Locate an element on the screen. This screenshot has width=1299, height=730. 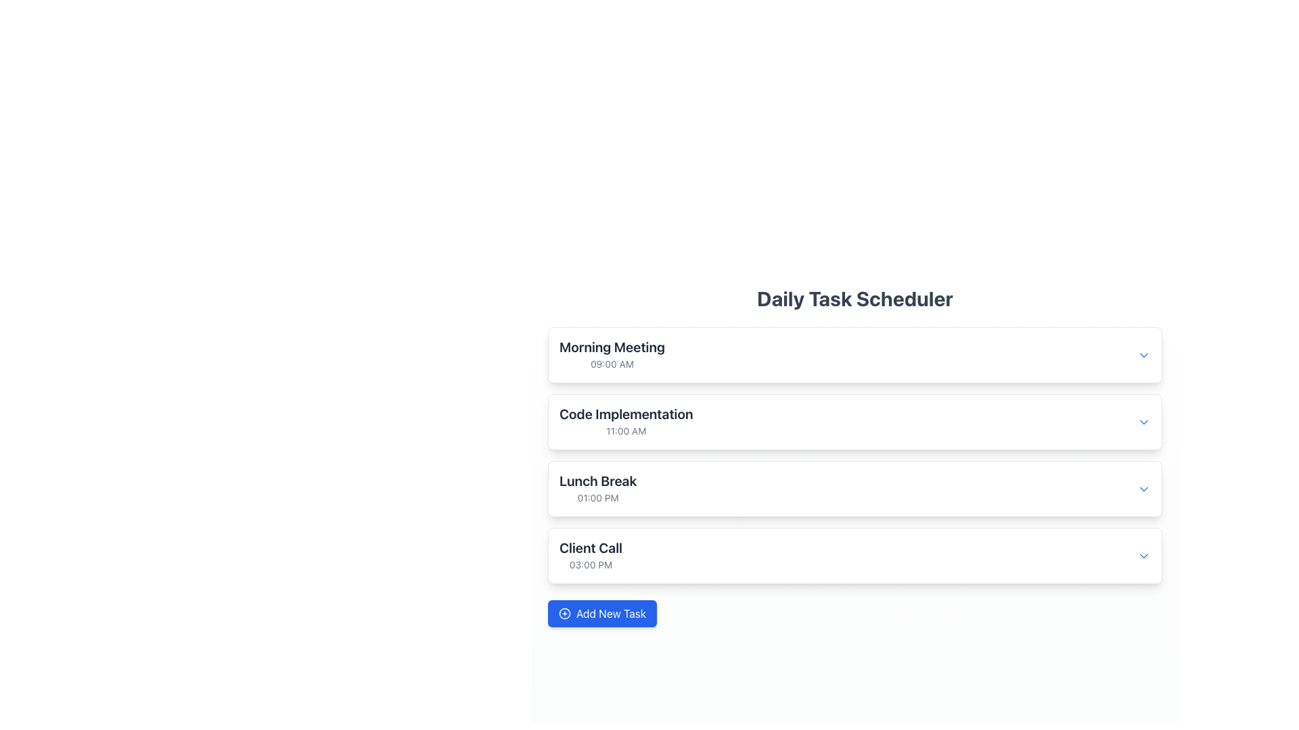
the circular icon with a plus sign inside, located to the left of the 'Add New Task' button at the bottom of the interface is located at coordinates (565, 613).